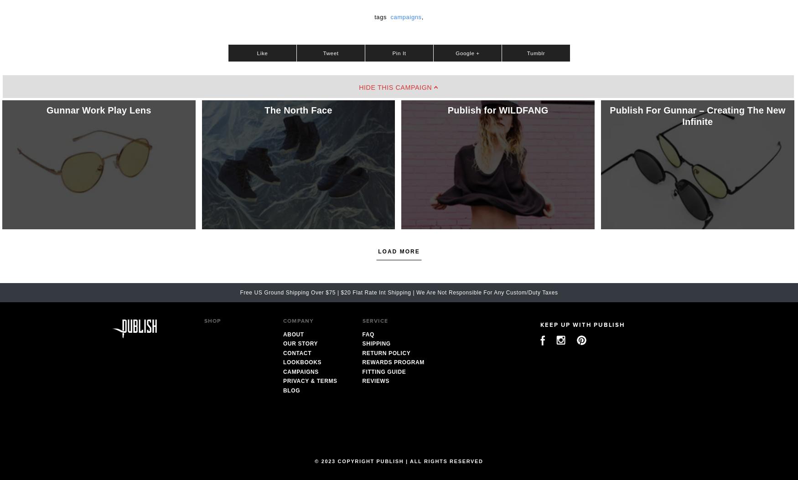 This screenshot has height=480, width=798. I want to click on 'Tumblr', so click(535, 52).